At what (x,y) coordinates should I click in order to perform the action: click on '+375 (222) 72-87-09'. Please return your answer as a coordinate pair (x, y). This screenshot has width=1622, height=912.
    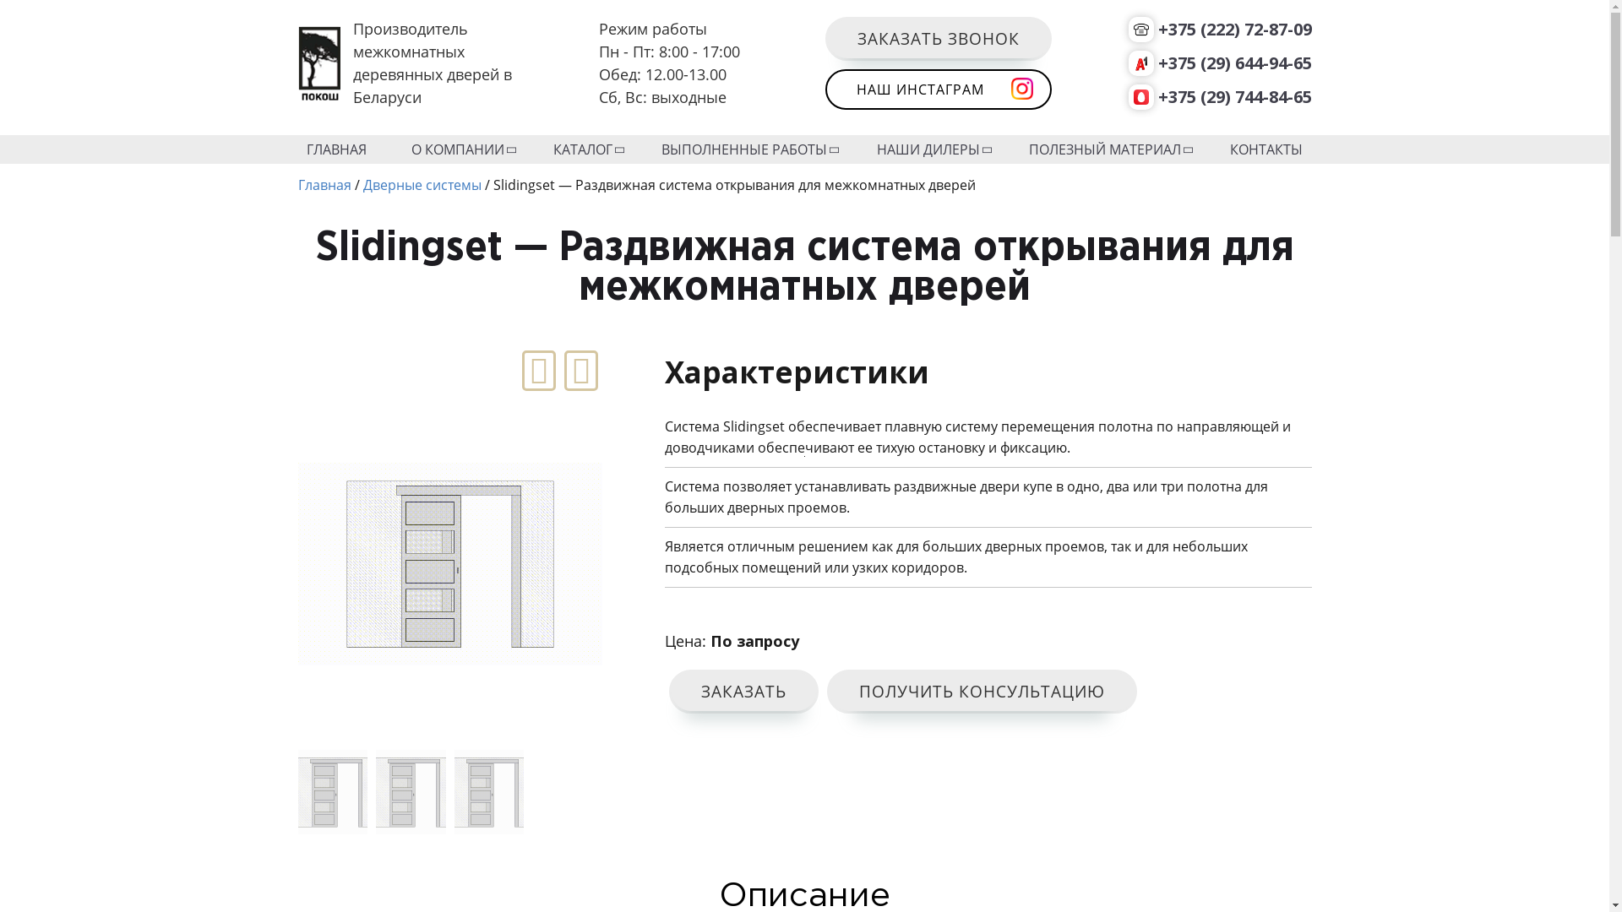
    Looking at the image, I should click on (1128, 29).